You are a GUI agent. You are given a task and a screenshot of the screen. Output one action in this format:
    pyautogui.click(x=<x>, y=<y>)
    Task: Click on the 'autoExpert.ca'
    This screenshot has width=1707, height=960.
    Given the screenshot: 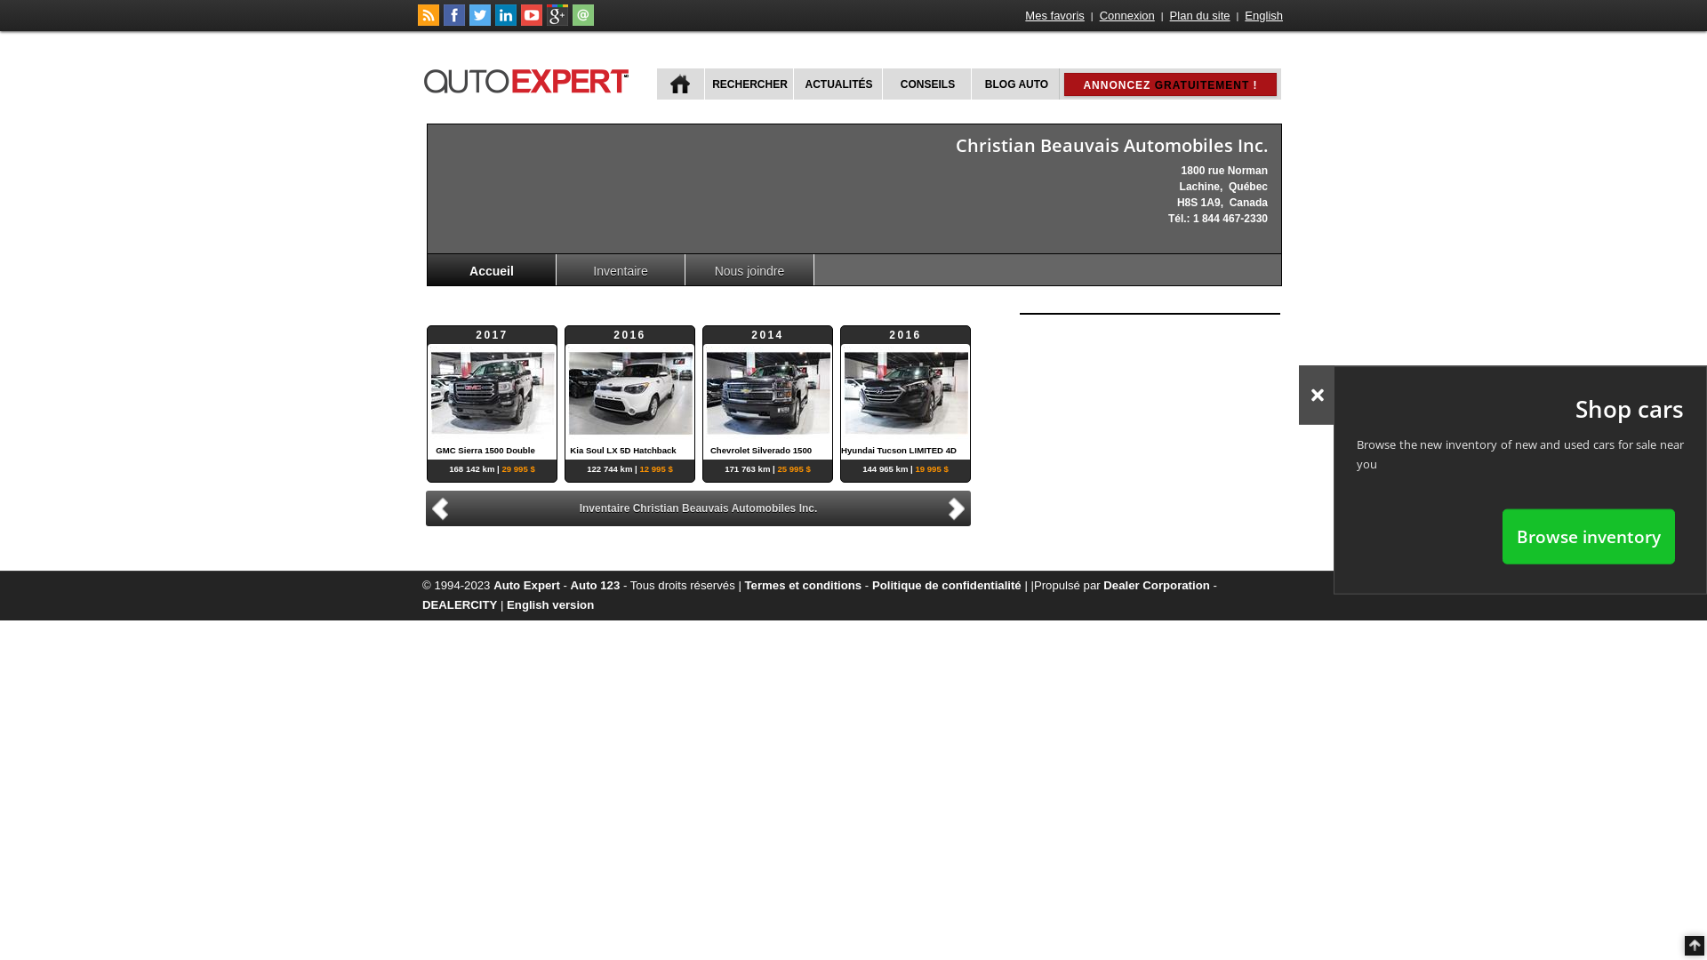 What is the action you would take?
    pyautogui.click(x=421, y=77)
    